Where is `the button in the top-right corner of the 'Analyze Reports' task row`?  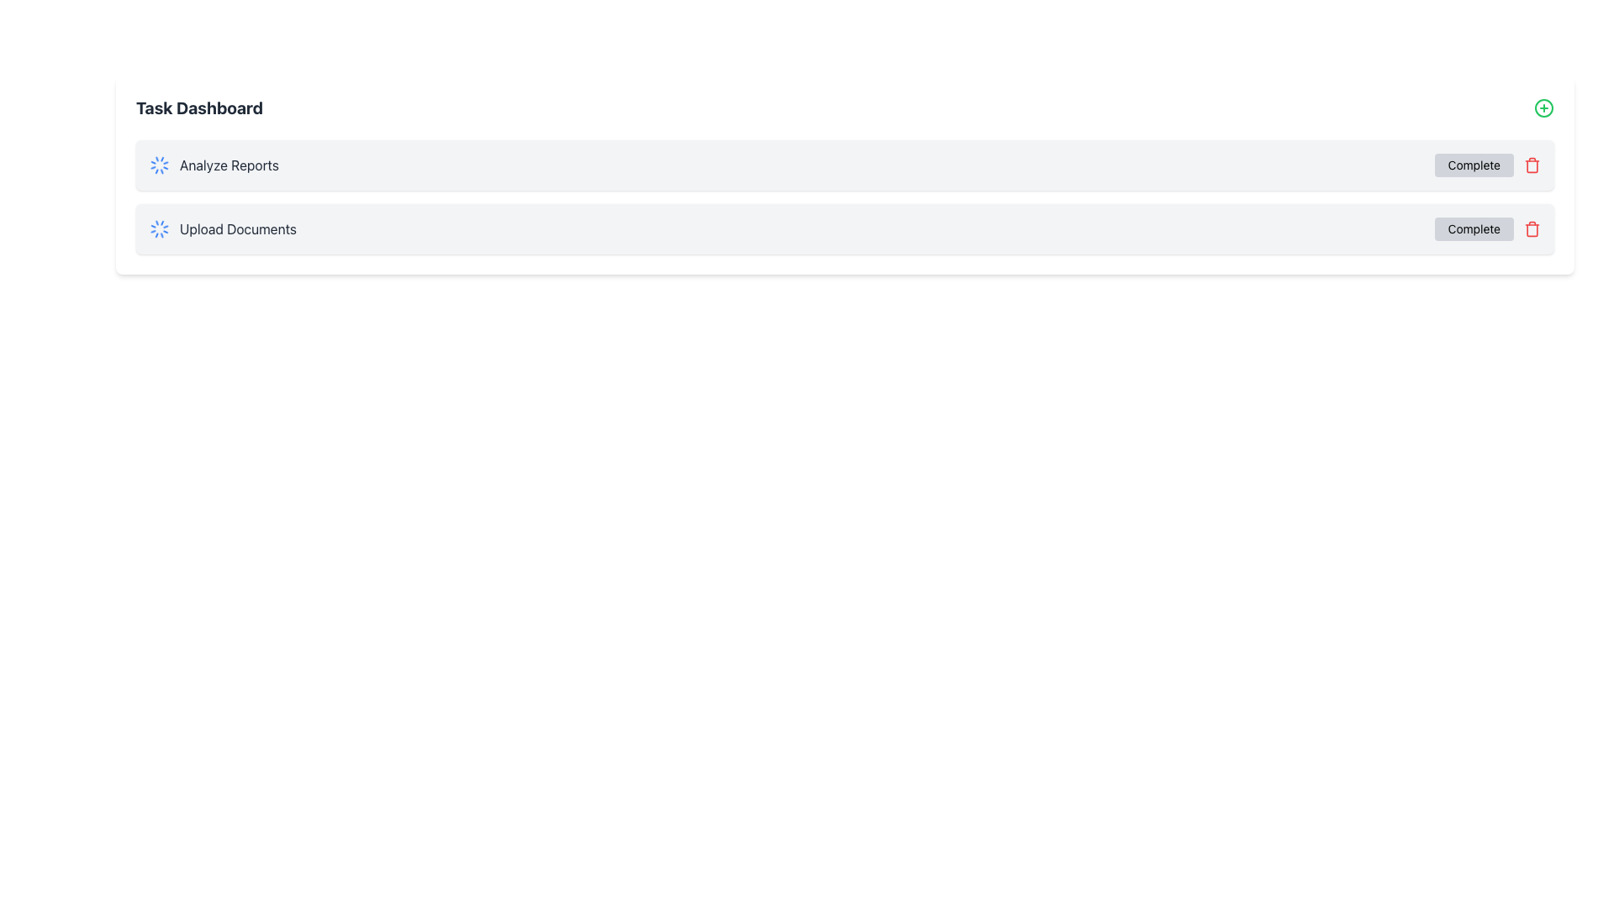
the button in the top-right corner of the 'Analyze Reports' task row is located at coordinates (1473, 165).